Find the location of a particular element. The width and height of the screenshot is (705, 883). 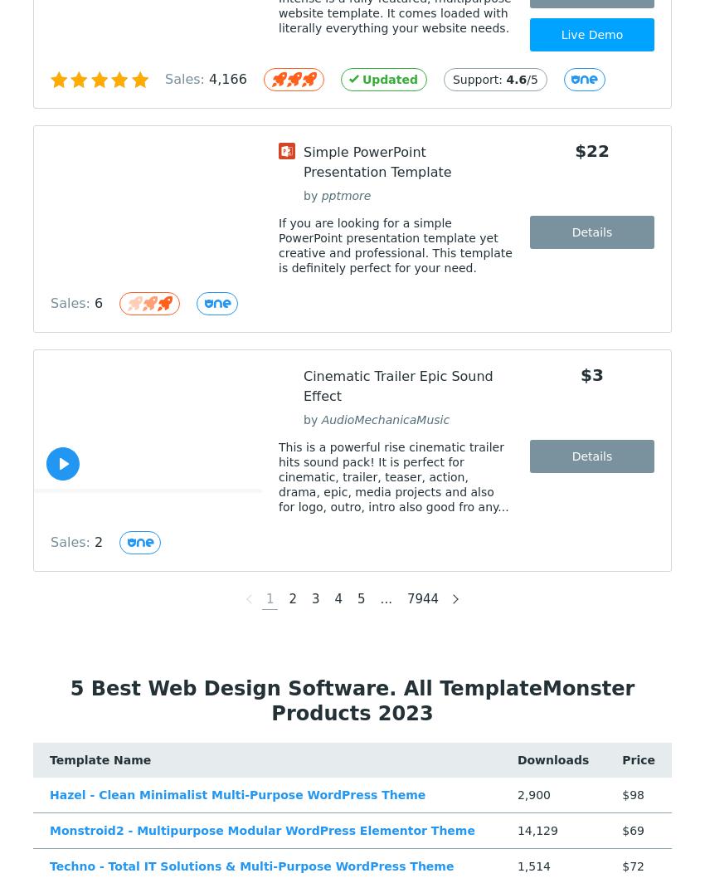

'4.6' is located at coordinates (515, 79).